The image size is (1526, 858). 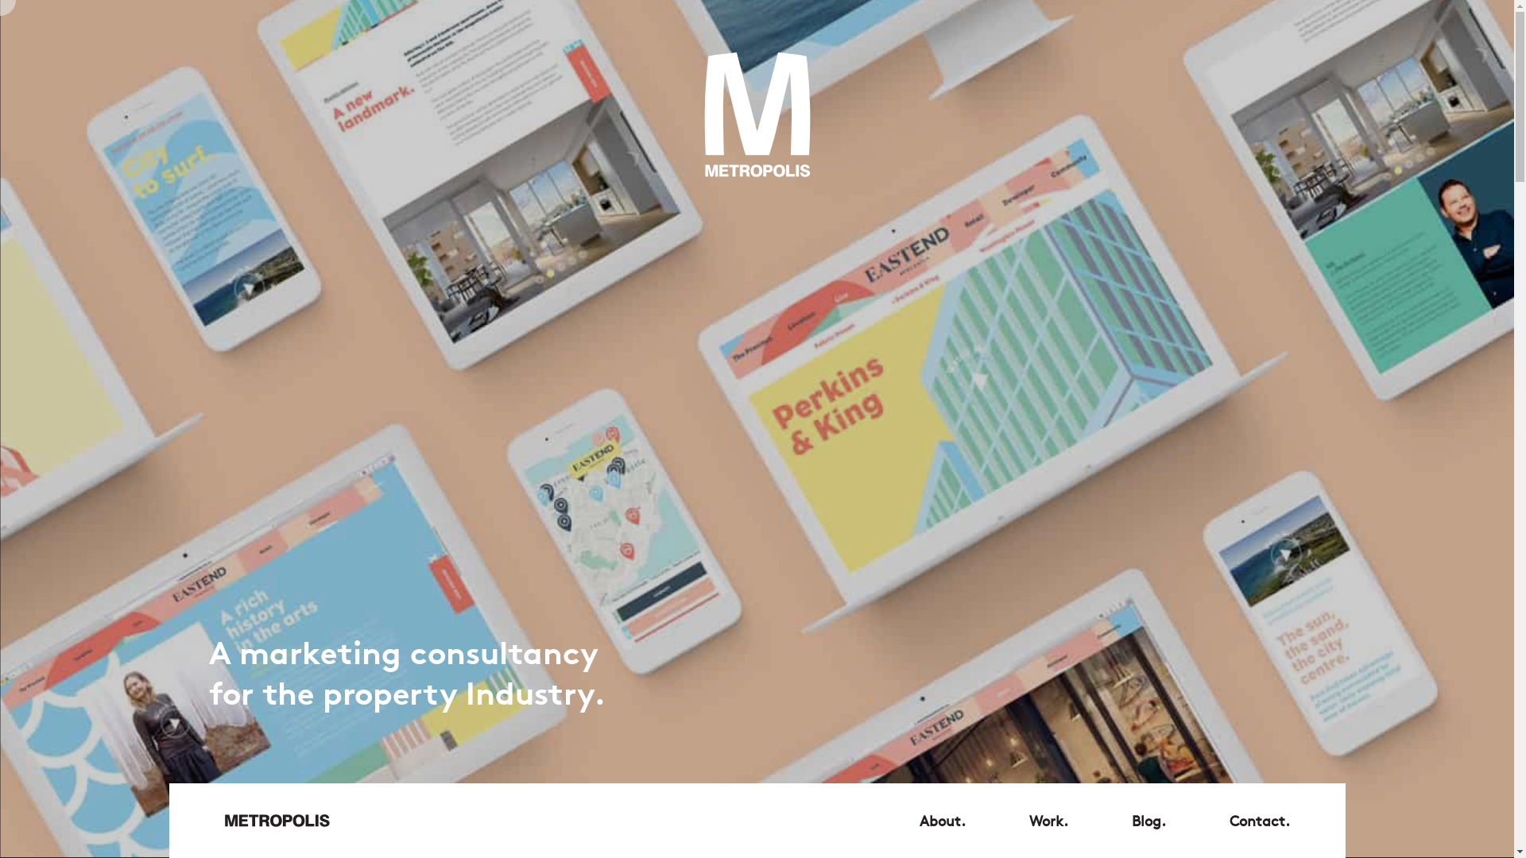 What do you see at coordinates (942, 821) in the screenshot?
I see `'About'` at bounding box center [942, 821].